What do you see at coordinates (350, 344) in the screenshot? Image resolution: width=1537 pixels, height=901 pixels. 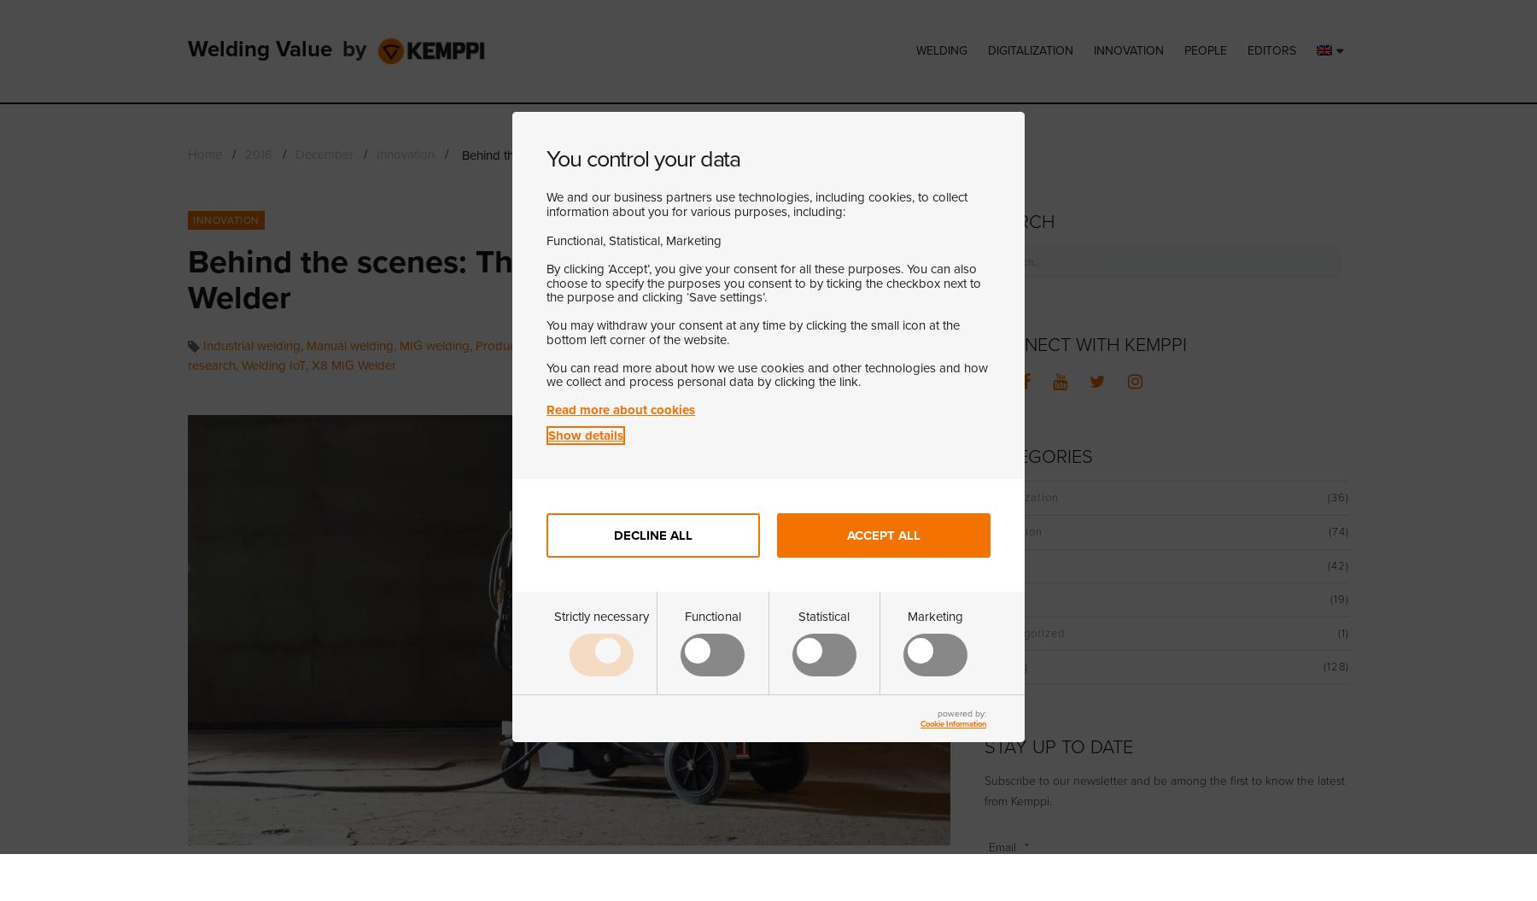 I see `'Manual welding'` at bounding box center [350, 344].